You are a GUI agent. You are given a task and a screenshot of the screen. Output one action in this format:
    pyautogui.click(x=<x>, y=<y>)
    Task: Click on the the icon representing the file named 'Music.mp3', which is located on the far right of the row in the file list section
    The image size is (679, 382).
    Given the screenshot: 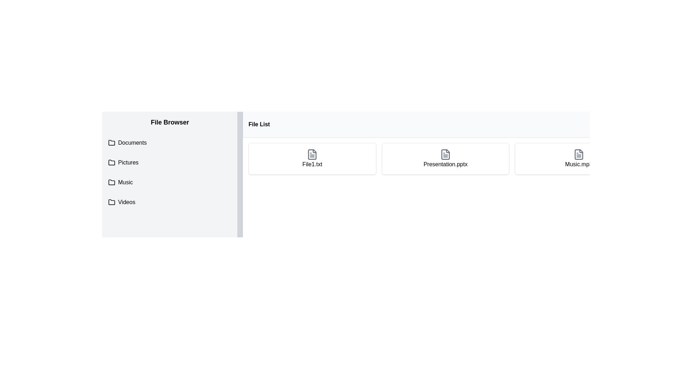 What is the action you would take?
    pyautogui.click(x=579, y=154)
    